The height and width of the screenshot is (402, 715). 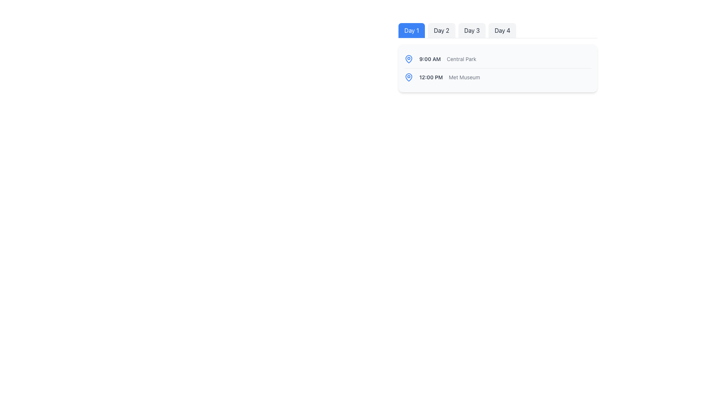 I want to click on the 'Day 3' button, so click(x=471, y=30).